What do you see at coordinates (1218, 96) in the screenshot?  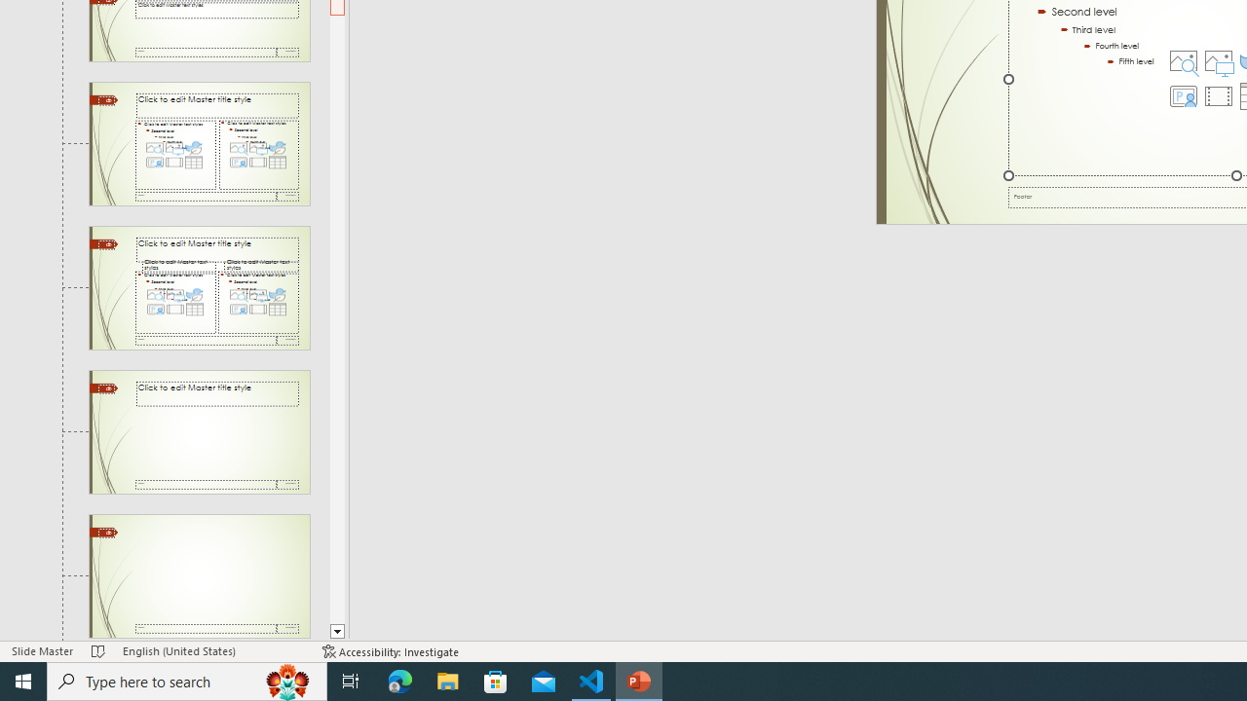 I see `'Insert Video'` at bounding box center [1218, 96].